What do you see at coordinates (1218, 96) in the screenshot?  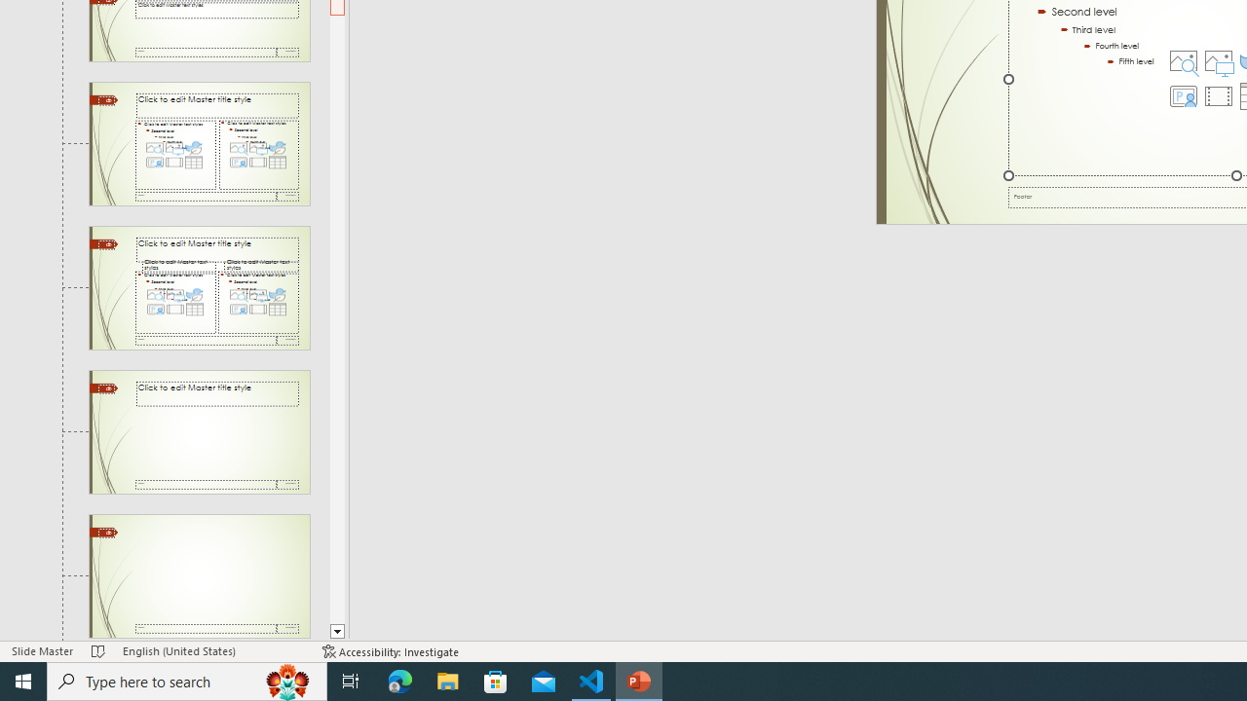 I see `'Insert Video'` at bounding box center [1218, 96].